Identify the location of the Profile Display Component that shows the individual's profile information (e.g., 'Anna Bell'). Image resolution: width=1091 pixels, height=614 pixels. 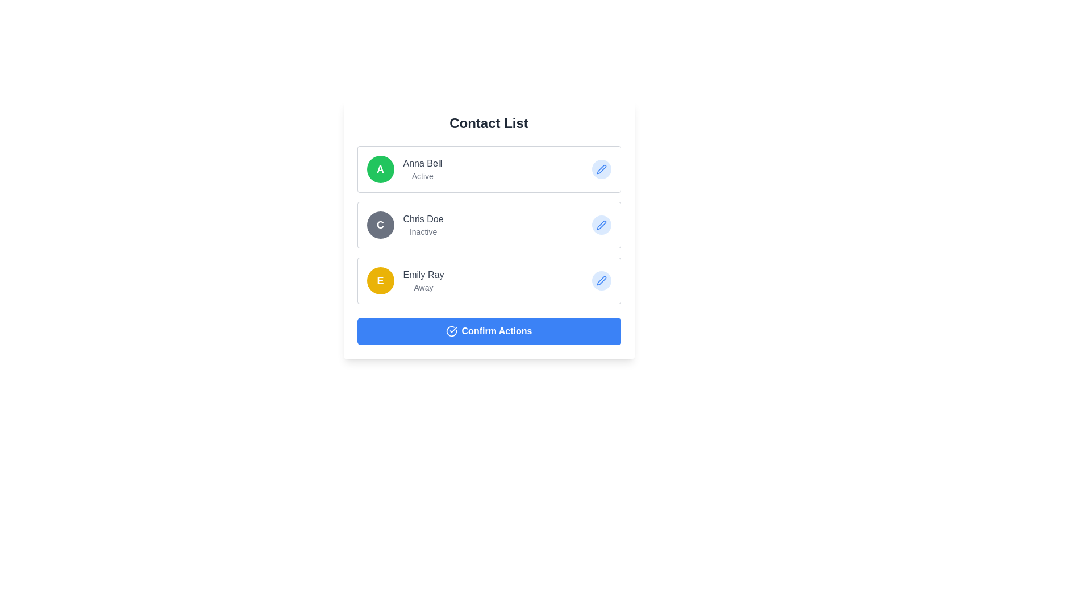
(404, 169).